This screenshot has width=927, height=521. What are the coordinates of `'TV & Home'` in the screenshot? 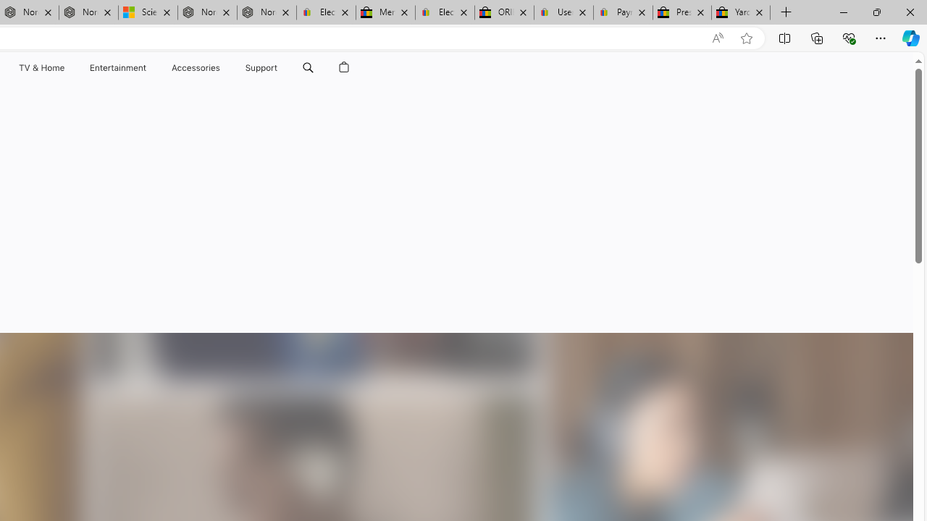 It's located at (41, 67).